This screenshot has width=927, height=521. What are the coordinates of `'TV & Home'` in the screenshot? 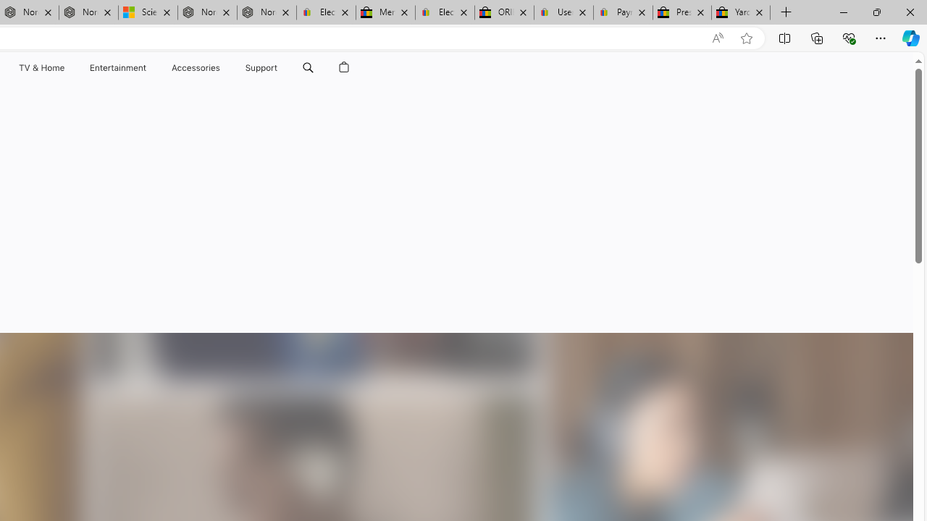 It's located at (41, 67).